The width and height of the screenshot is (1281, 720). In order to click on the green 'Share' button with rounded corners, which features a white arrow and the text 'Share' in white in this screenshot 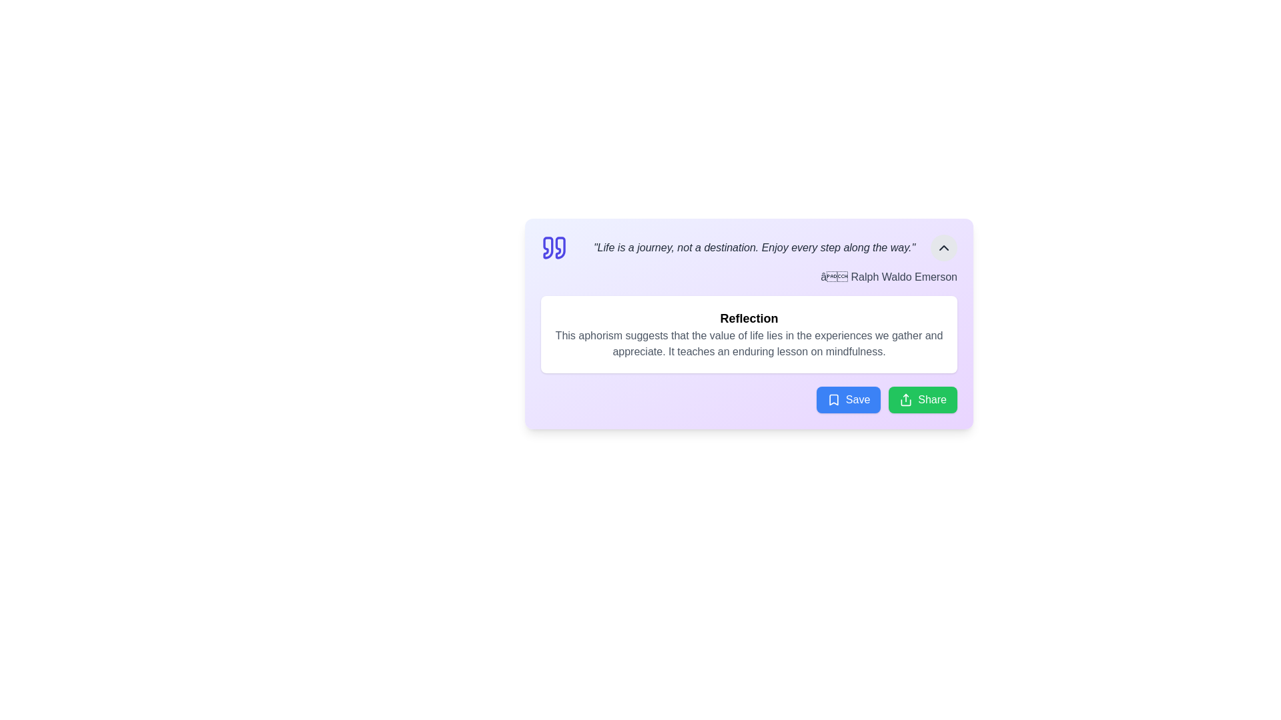, I will do `click(922, 399)`.